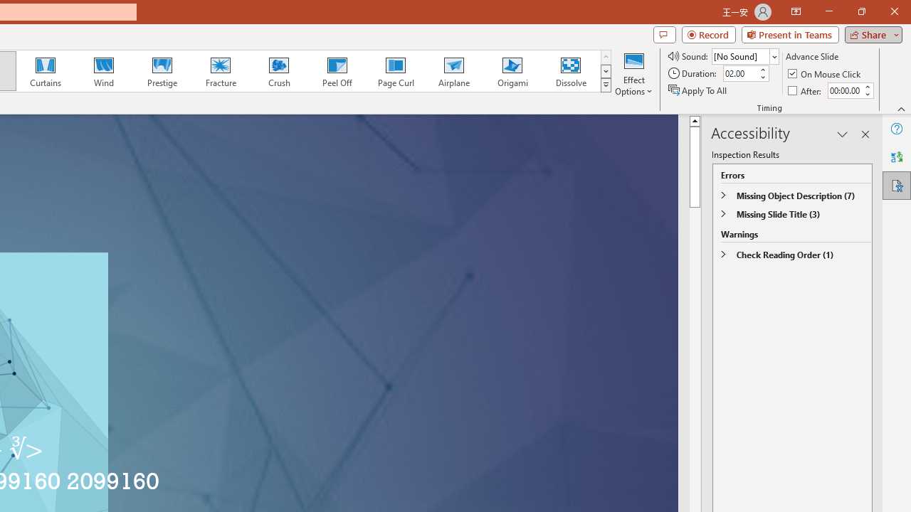  What do you see at coordinates (219, 71) in the screenshot?
I see `'Fracture'` at bounding box center [219, 71].